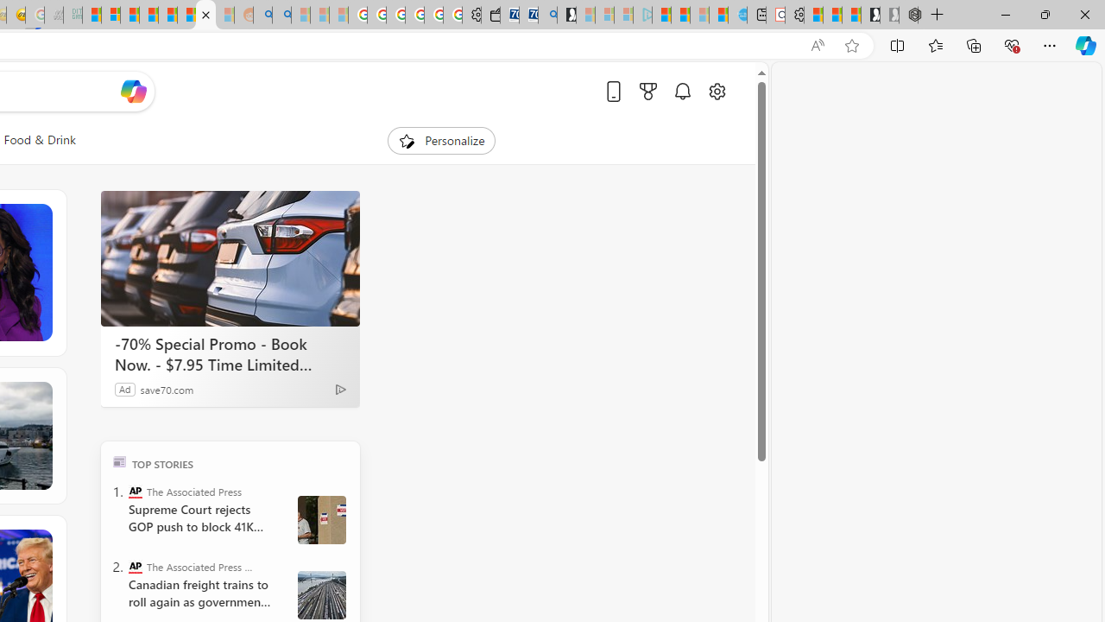  What do you see at coordinates (322, 594) in the screenshot?
I see `' Canada Railroads Unions'` at bounding box center [322, 594].